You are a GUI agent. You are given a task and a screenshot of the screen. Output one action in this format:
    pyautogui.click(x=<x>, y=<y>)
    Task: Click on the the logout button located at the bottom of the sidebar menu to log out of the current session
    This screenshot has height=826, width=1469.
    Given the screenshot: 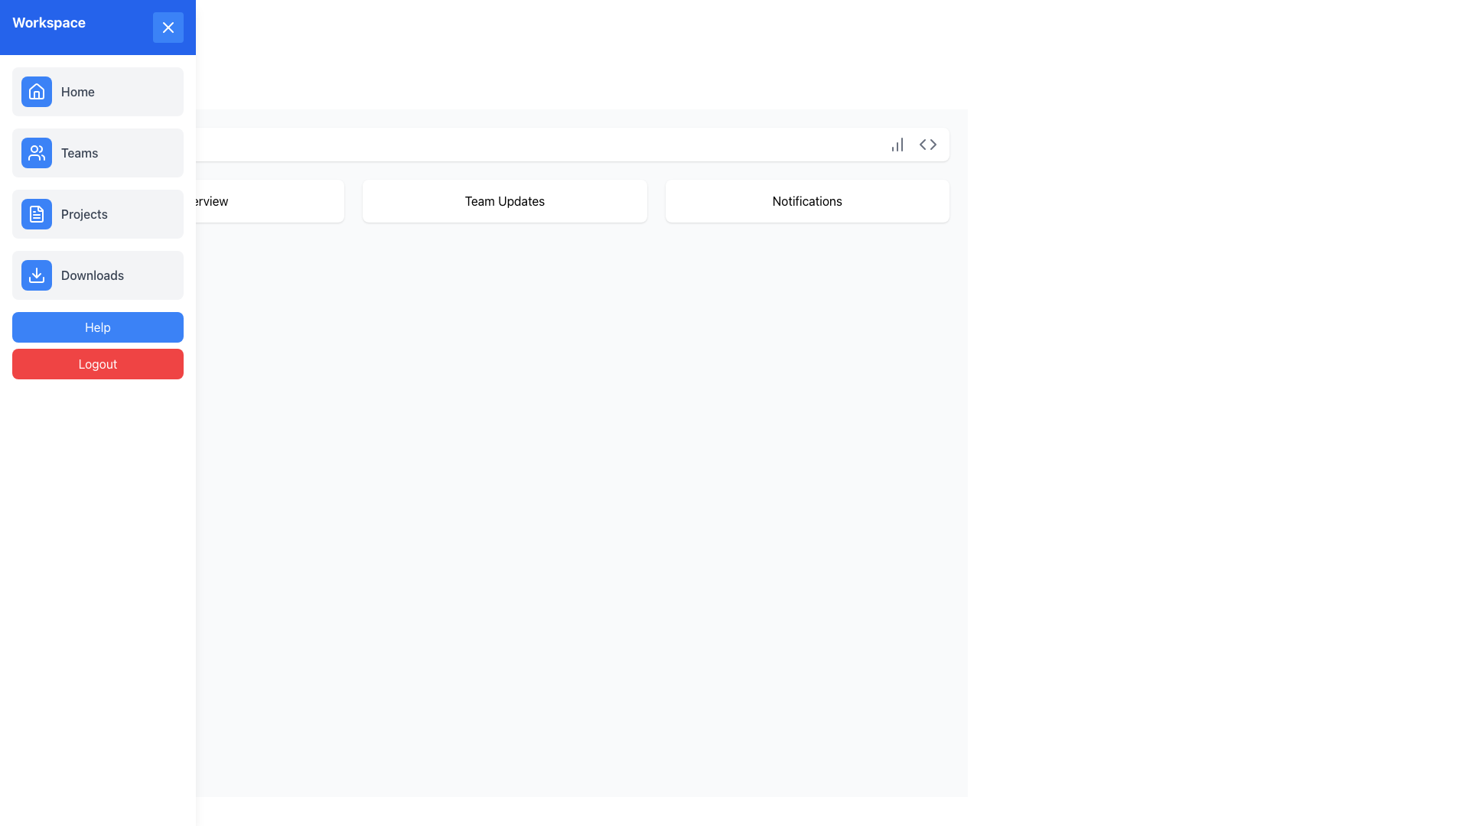 What is the action you would take?
    pyautogui.click(x=97, y=363)
    